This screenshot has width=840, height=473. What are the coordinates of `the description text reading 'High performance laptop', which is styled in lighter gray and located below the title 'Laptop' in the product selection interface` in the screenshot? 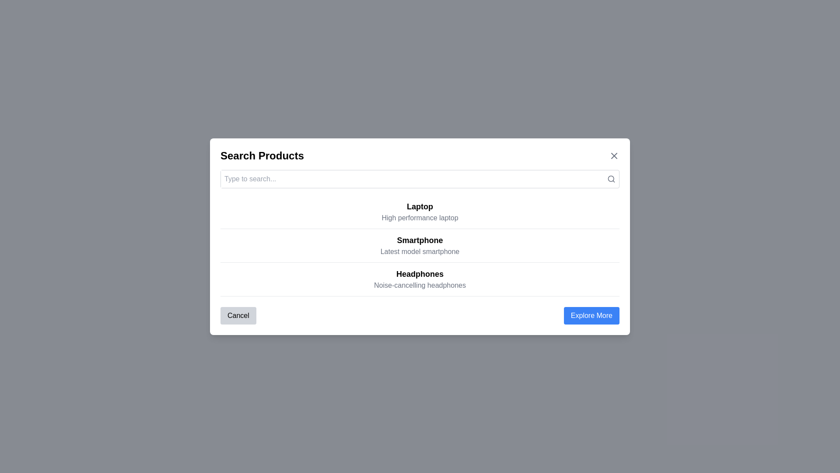 It's located at (420, 217).